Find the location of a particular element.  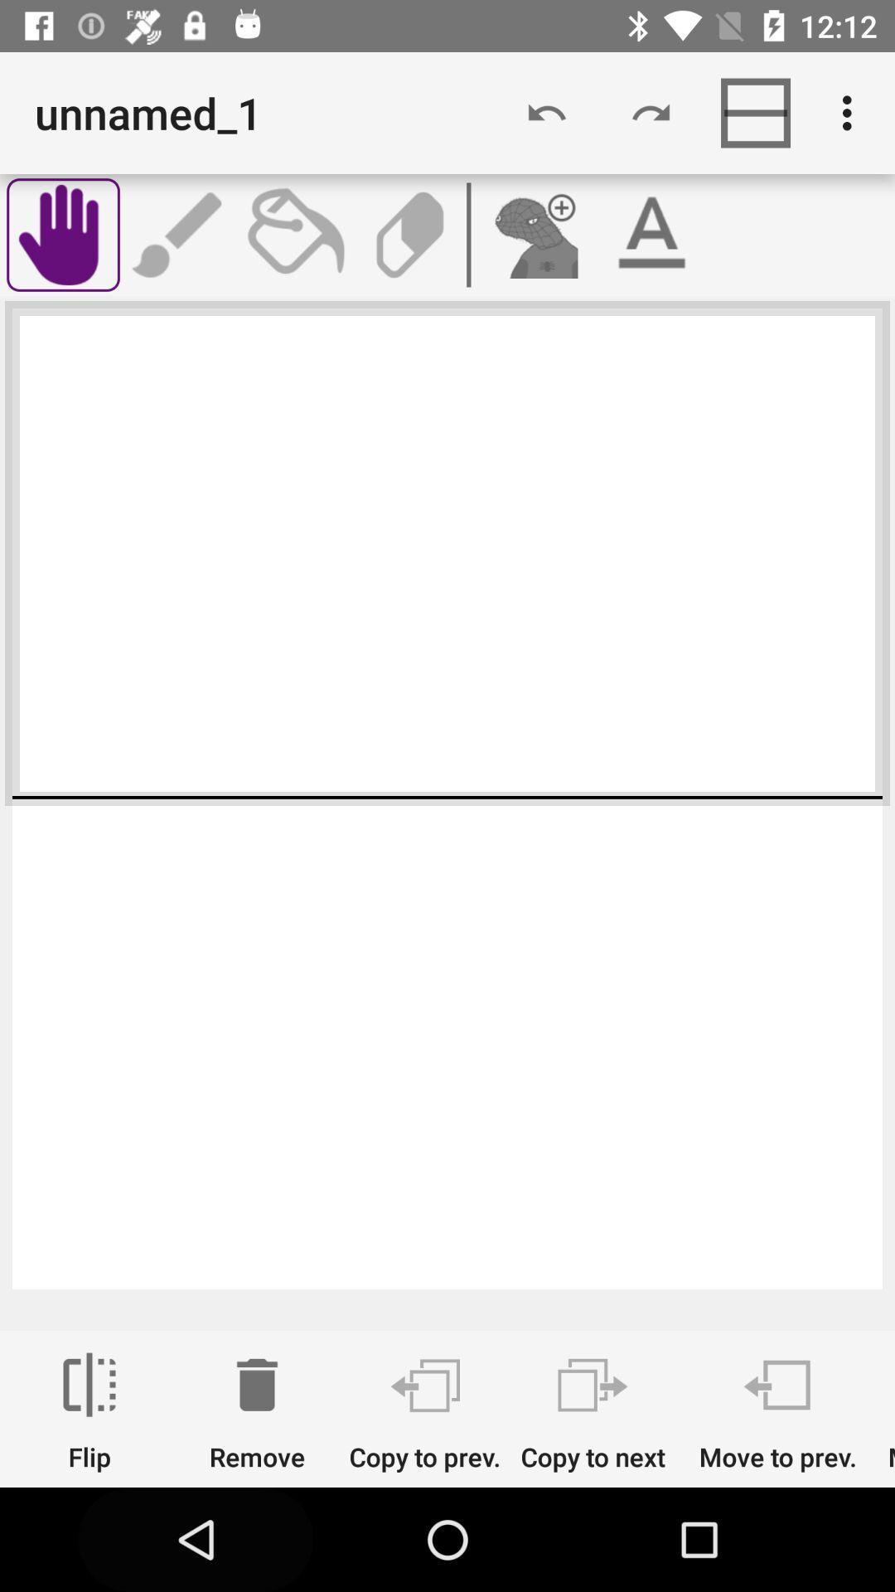

icon to the right of the flip item is located at coordinates (257, 1411).